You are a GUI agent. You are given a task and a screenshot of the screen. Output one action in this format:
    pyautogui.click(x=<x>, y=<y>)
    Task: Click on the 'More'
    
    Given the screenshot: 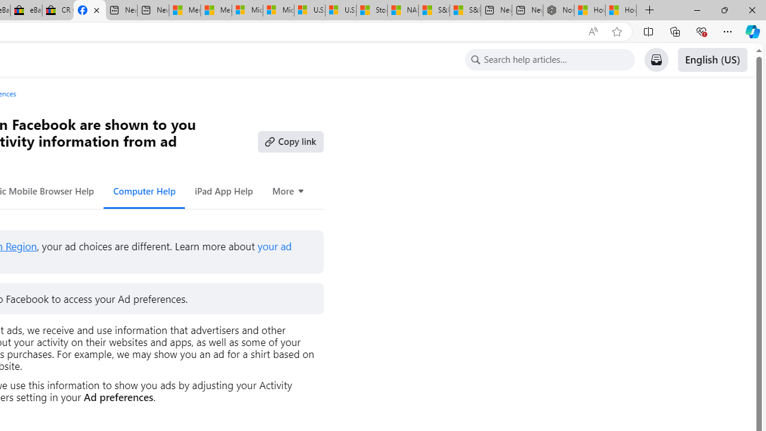 What is the action you would take?
    pyautogui.click(x=288, y=190)
    